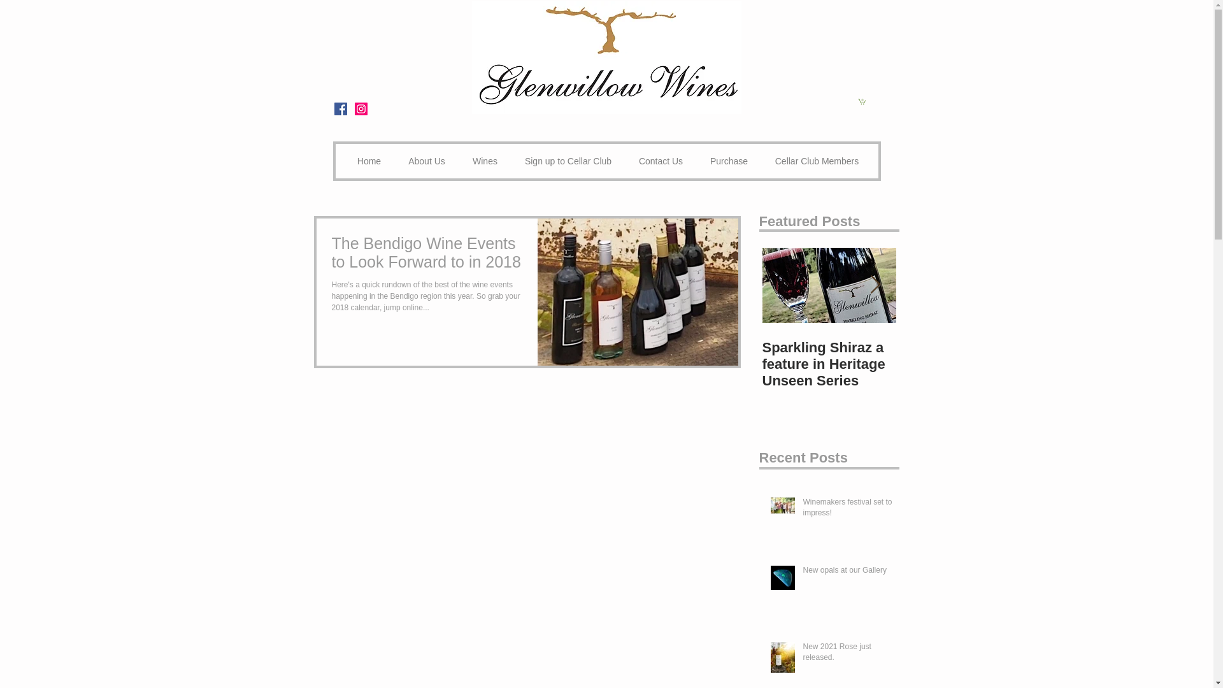 The height and width of the screenshot is (688, 1223). Describe the element at coordinates (848, 510) in the screenshot. I see `'Winemakers festival set to impress!'` at that location.